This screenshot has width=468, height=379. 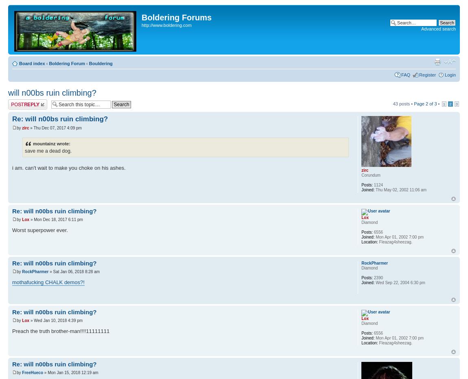 What do you see at coordinates (68, 167) in the screenshot?
I see `'i am. can't wait to make you choke on his ashes.'` at bounding box center [68, 167].